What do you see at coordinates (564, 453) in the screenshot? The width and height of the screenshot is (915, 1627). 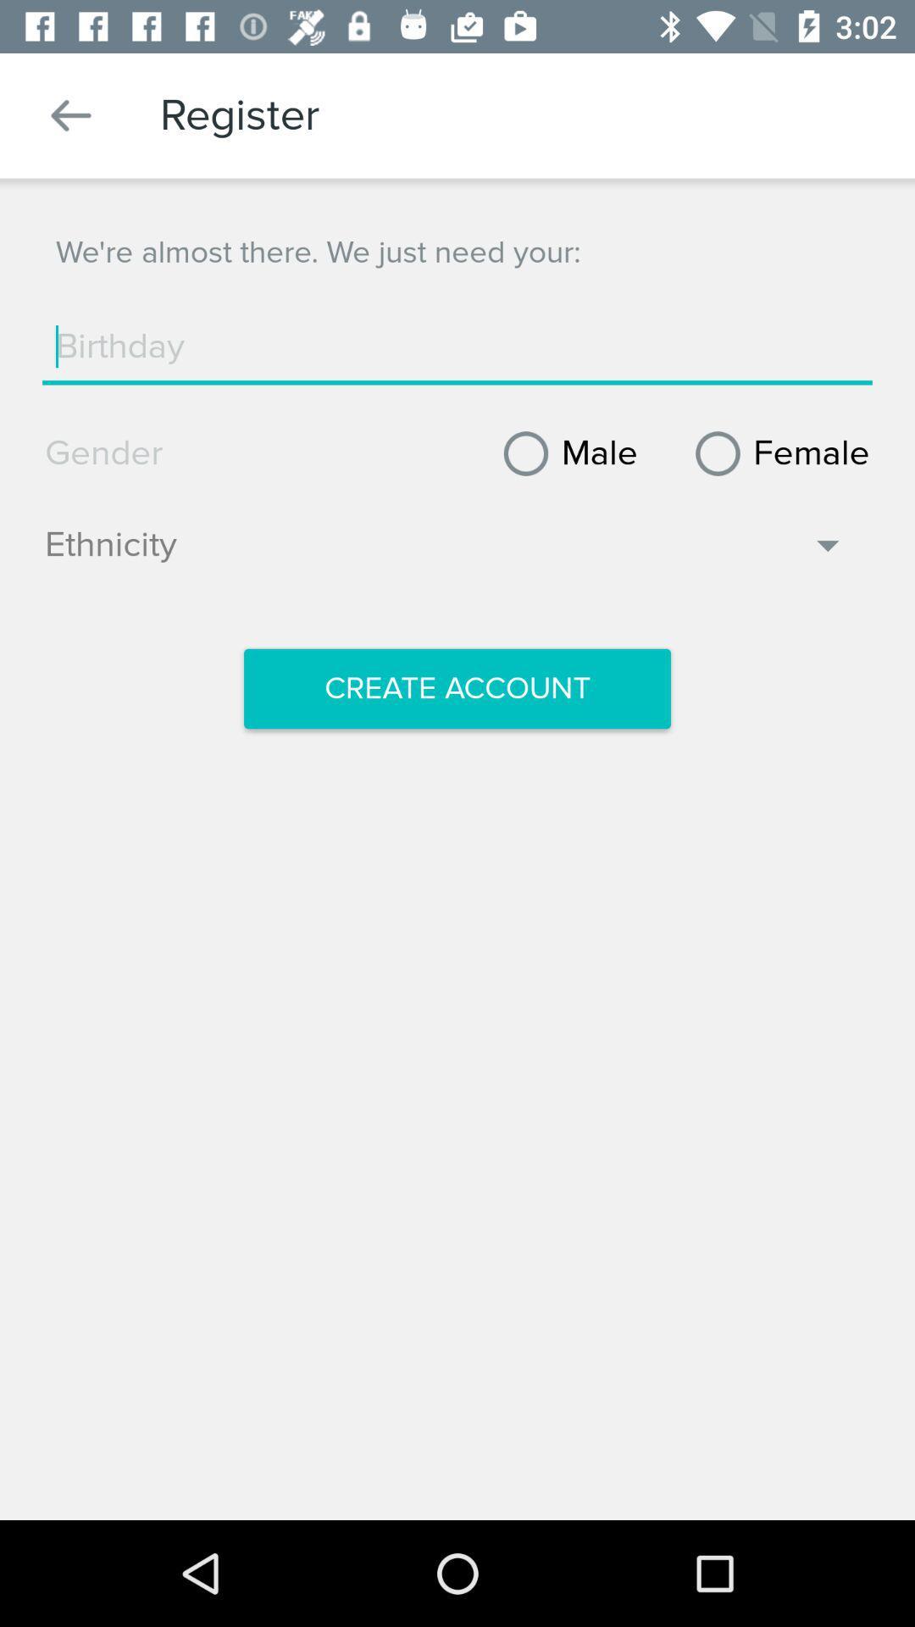 I see `the male icon` at bounding box center [564, 453].